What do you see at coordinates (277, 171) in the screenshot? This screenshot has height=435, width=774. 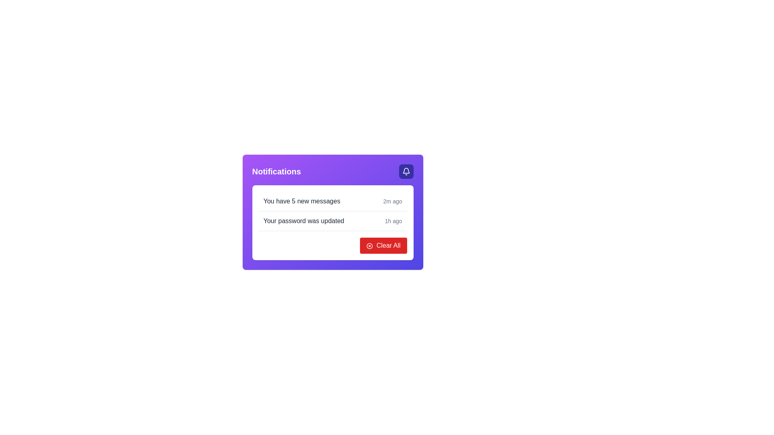 I see `the bold, large-sized 'Notifications' text label with a white font color on a purple background, located in the header section before the bell icon` at bounding box center [277, 171].